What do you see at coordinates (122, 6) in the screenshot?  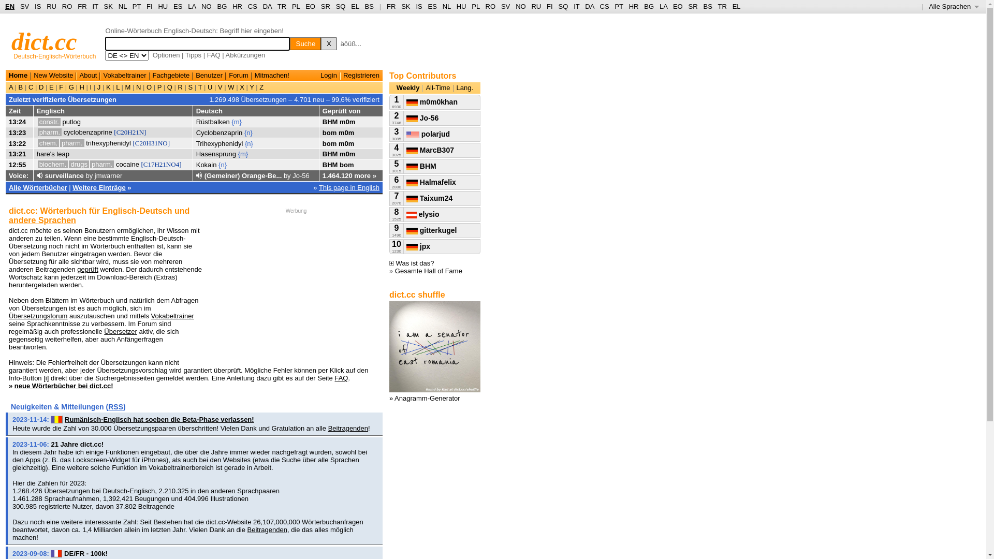 I see `'NL'` at bounding box center [122, 6].